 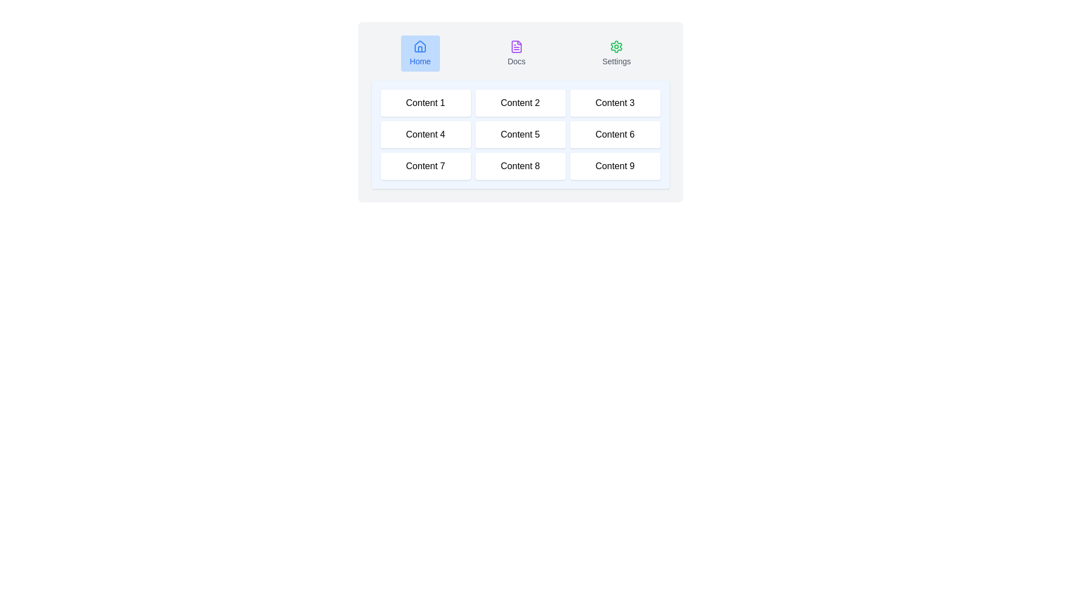 What do you see at coordinates (616, 54) in the screenshot?
I see `the Settings tab by clicking on its respective button` at bounding box center [616, 54].